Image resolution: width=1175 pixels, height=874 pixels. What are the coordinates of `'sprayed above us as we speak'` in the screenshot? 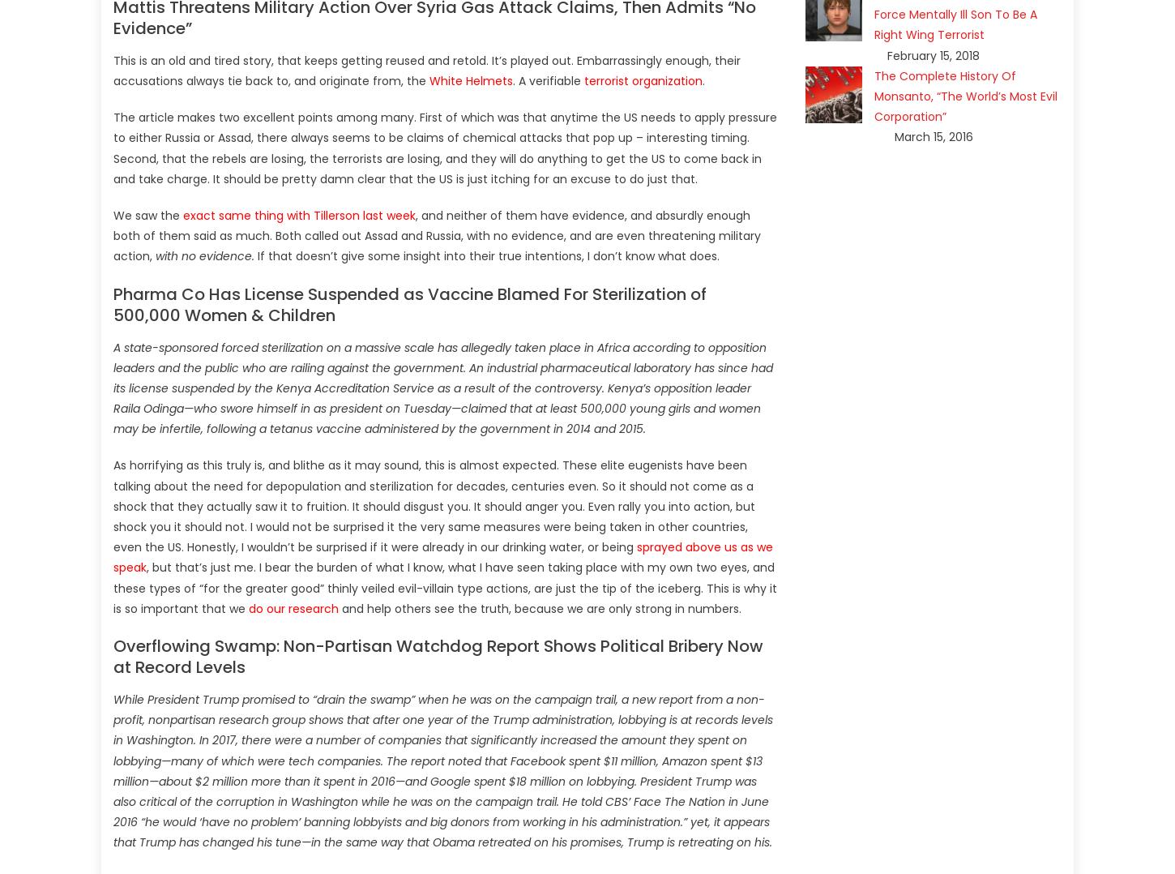 It's located at (442, 557).